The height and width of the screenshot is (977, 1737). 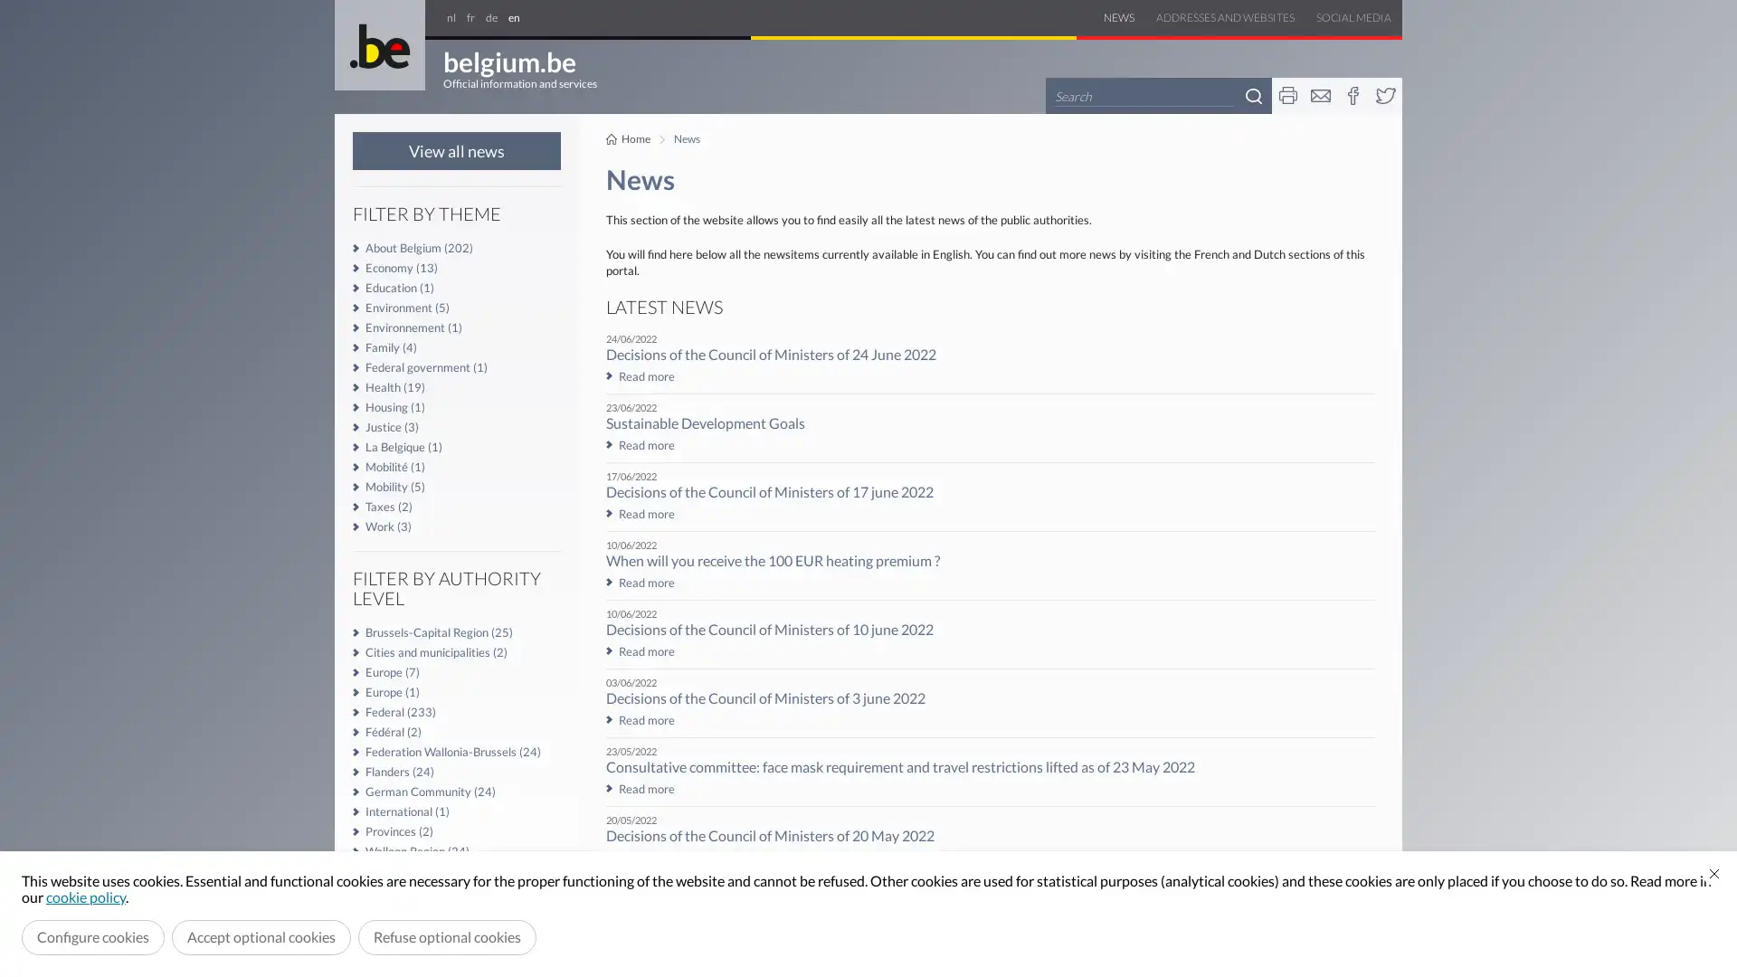 I want to click on Close, so click(x=1713, y=872).